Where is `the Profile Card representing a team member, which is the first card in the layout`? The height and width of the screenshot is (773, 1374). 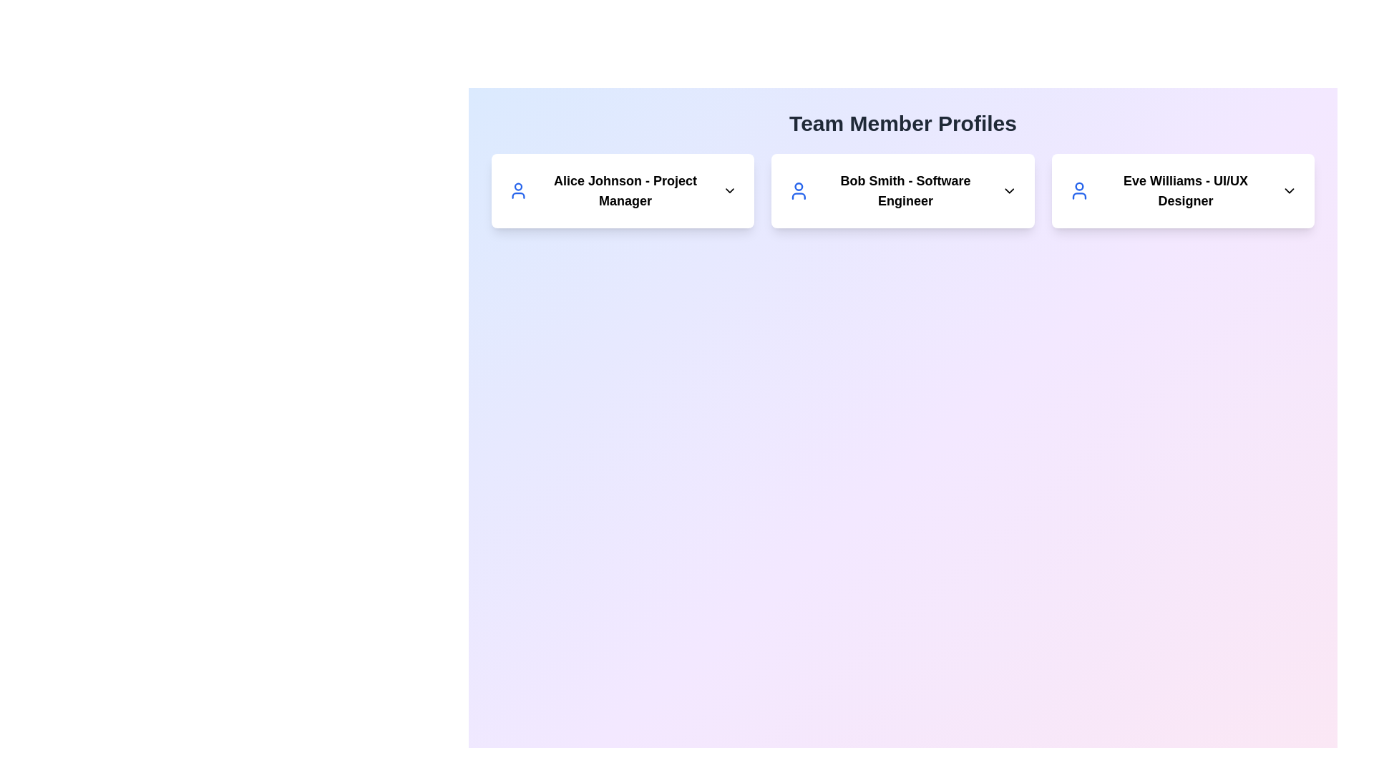 the Profile Card representing a team member, which is the first card in the layout is located at coordinates (623, 190).